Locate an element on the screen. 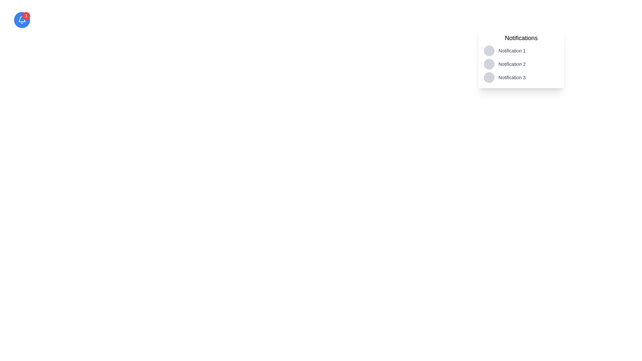 The height and width of the screenshot is (361, 642). the text label displaying 'Notification 2', which is positioned as the second notification item in the list, aligned with a circular icon is located at coordinates (512, 64).